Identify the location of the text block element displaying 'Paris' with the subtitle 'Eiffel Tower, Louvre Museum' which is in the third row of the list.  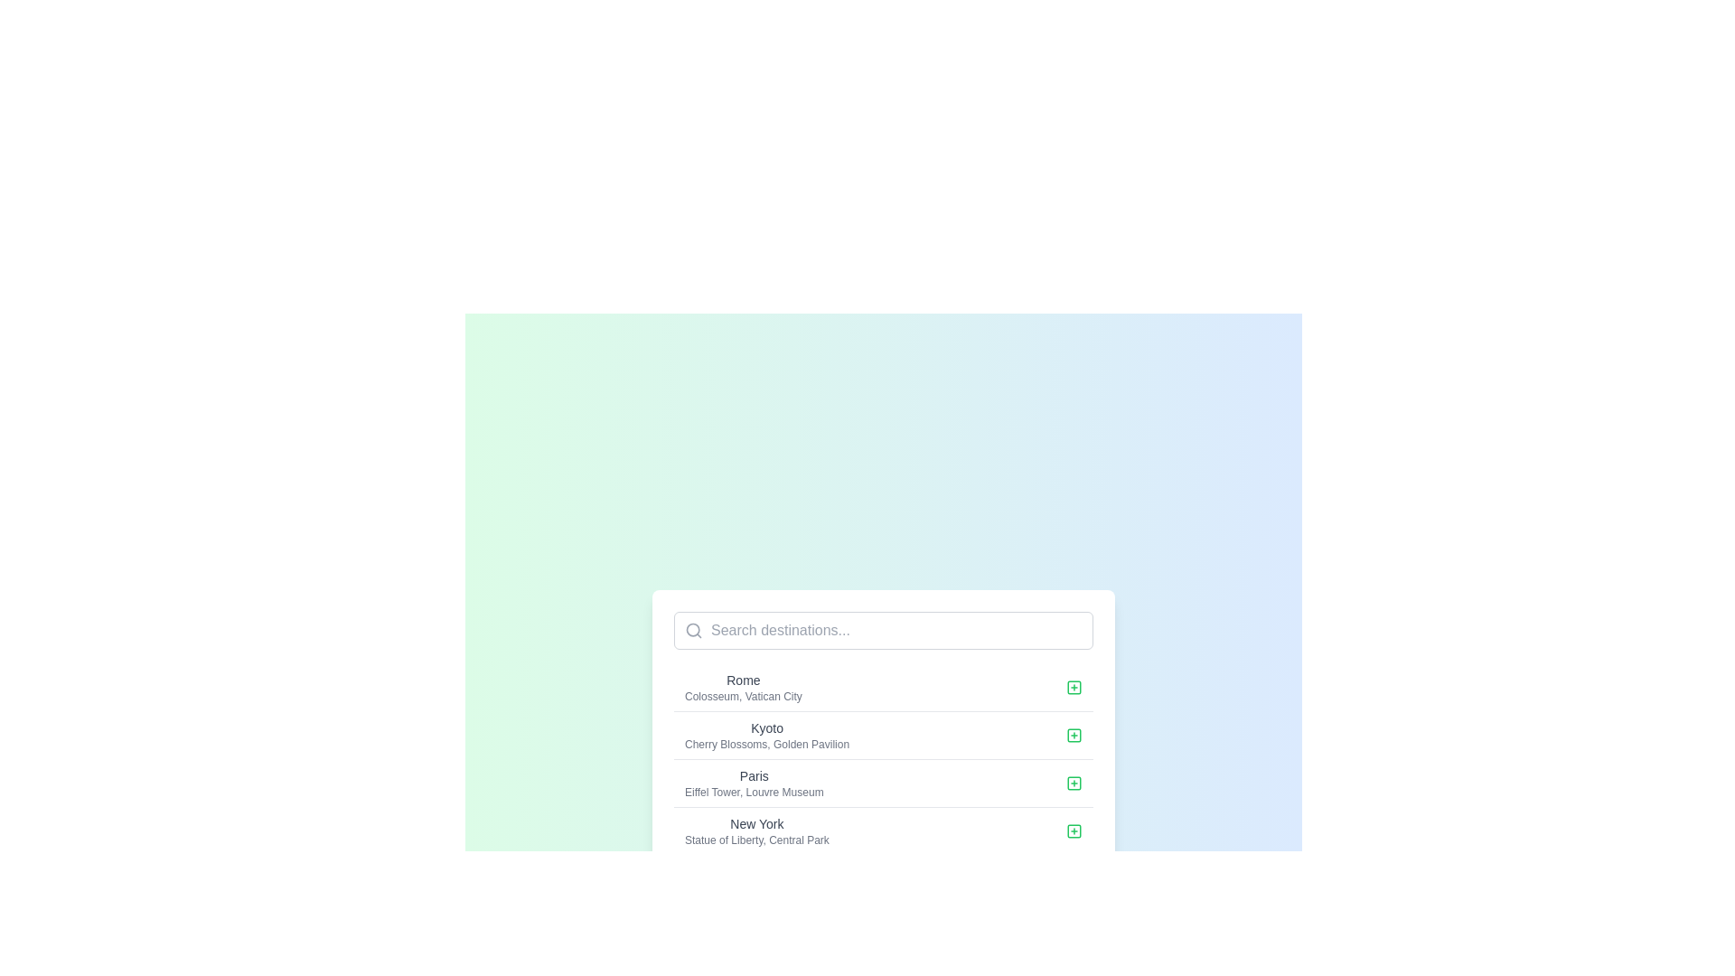
(754, 783).